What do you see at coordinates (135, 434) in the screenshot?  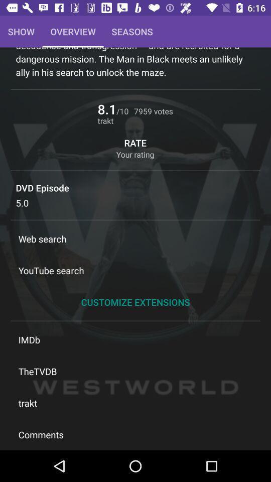 I see `the item below trakt` at bounding box center [135, 434].